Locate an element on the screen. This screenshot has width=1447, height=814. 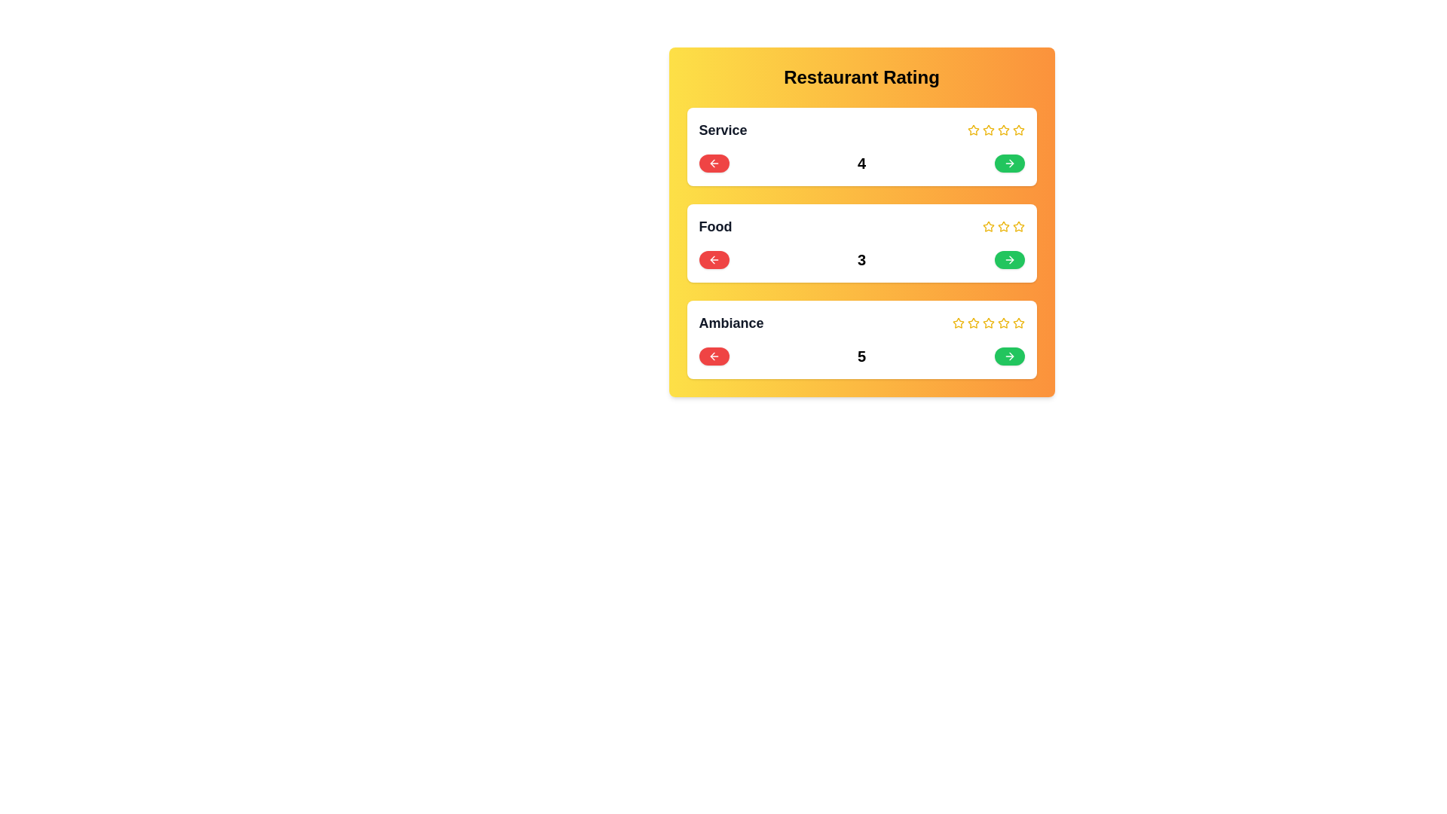
the fourth star from the left in the first row of the rating stars for the 'Service' category is located at coordinates (1003, 130).